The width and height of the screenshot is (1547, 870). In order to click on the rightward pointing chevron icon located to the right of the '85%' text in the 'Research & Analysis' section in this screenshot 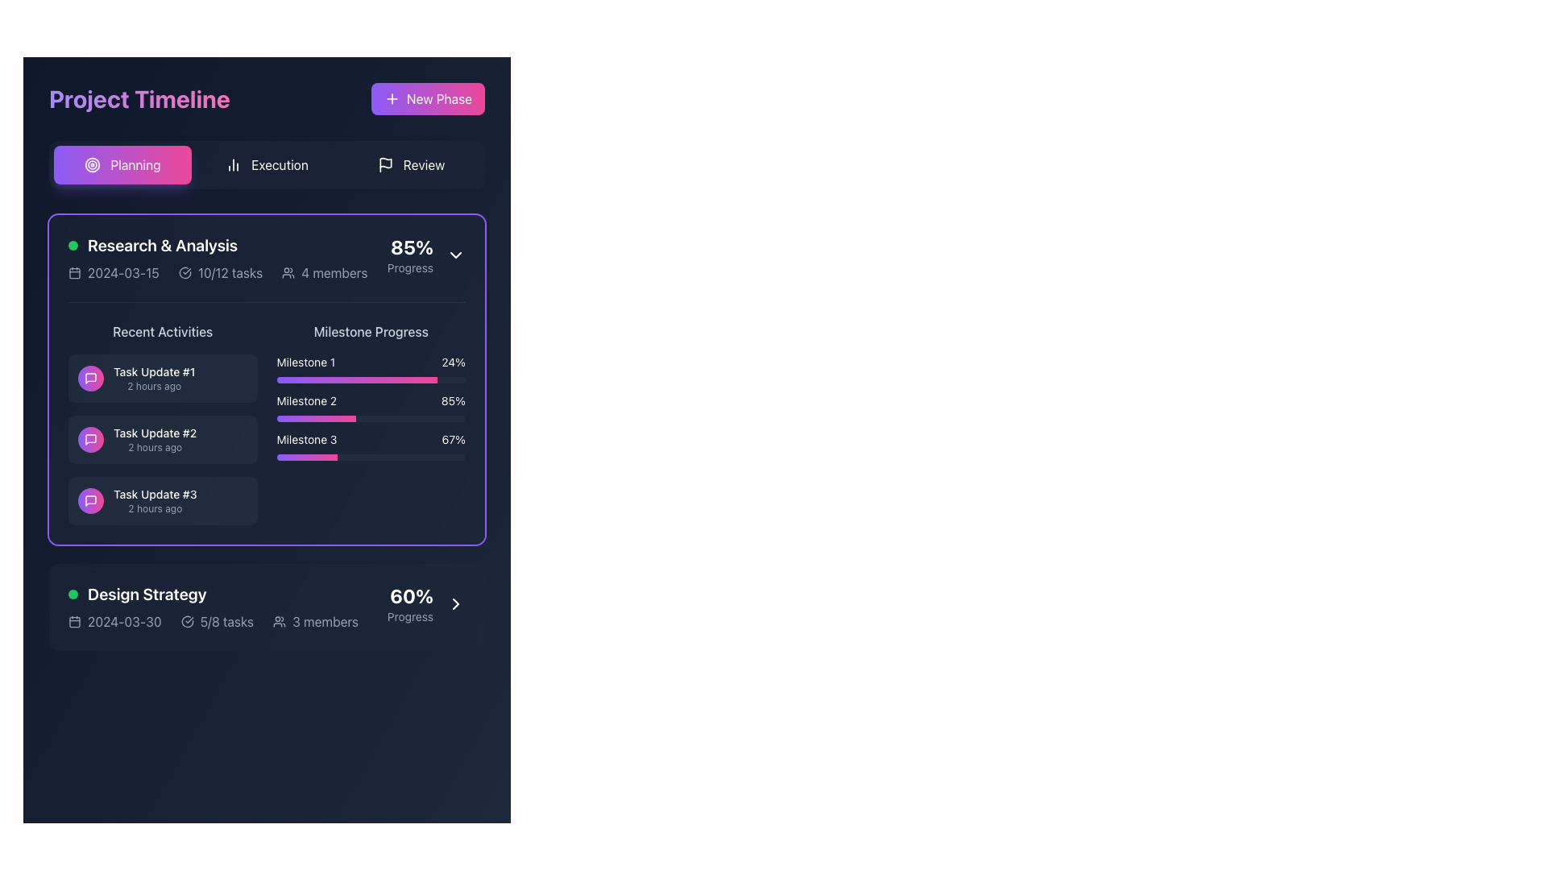, I will do `click(455, 254)`.